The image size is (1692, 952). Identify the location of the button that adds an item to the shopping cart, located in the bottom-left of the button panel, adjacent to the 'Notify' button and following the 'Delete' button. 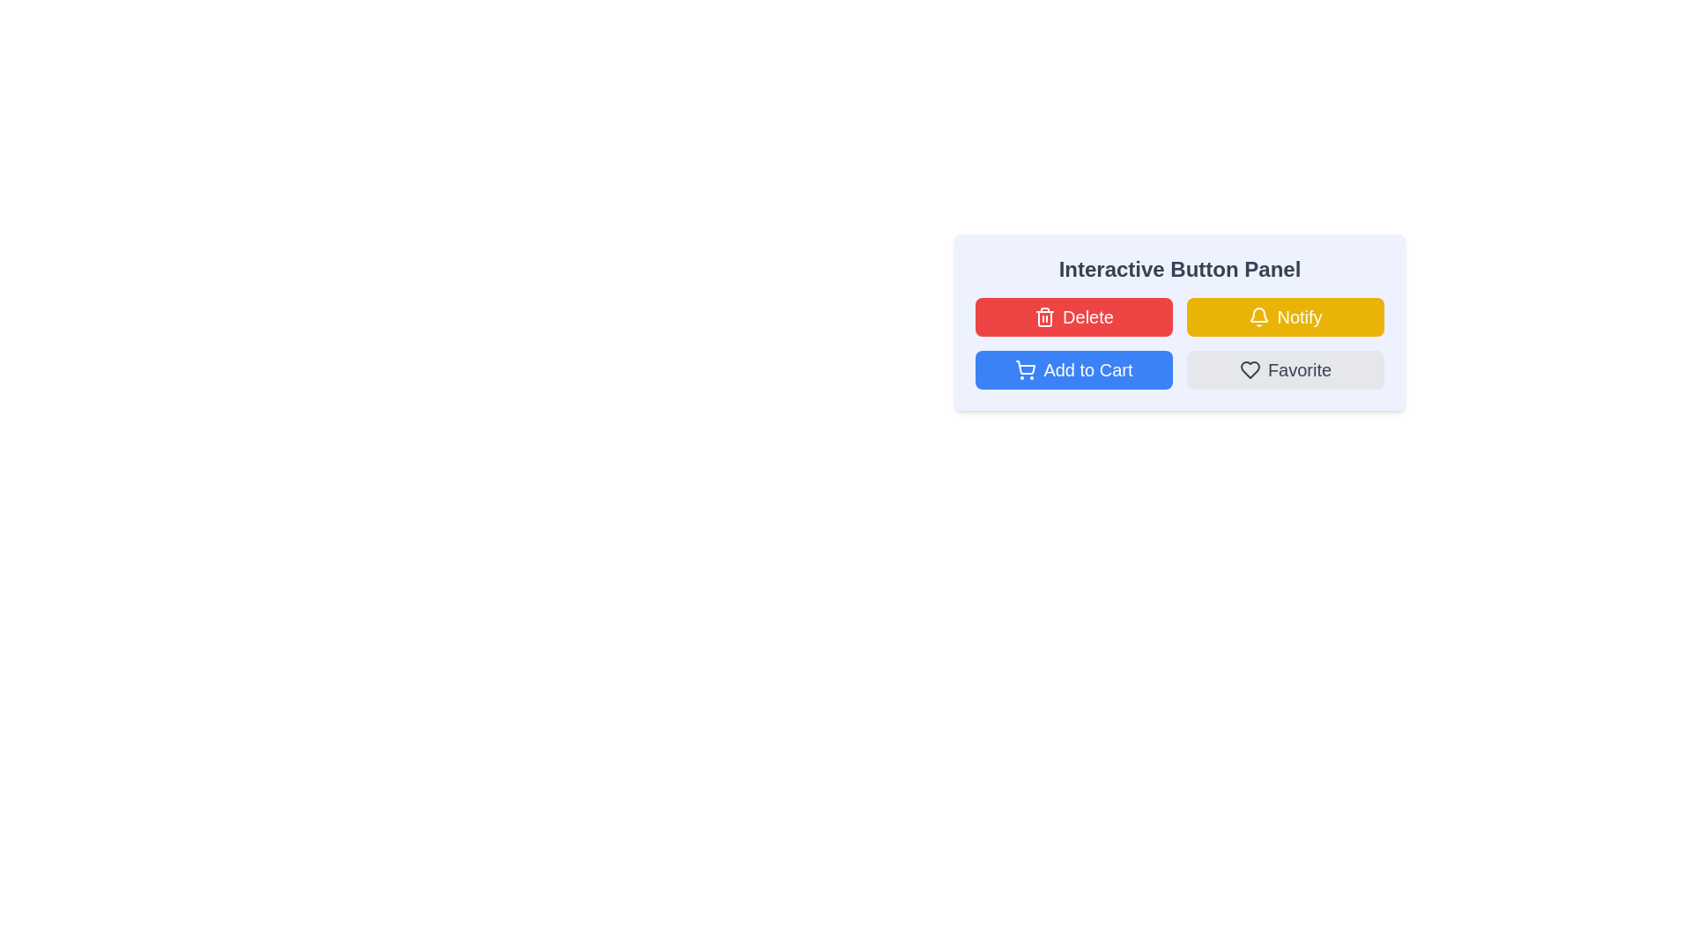
(1073, 369).